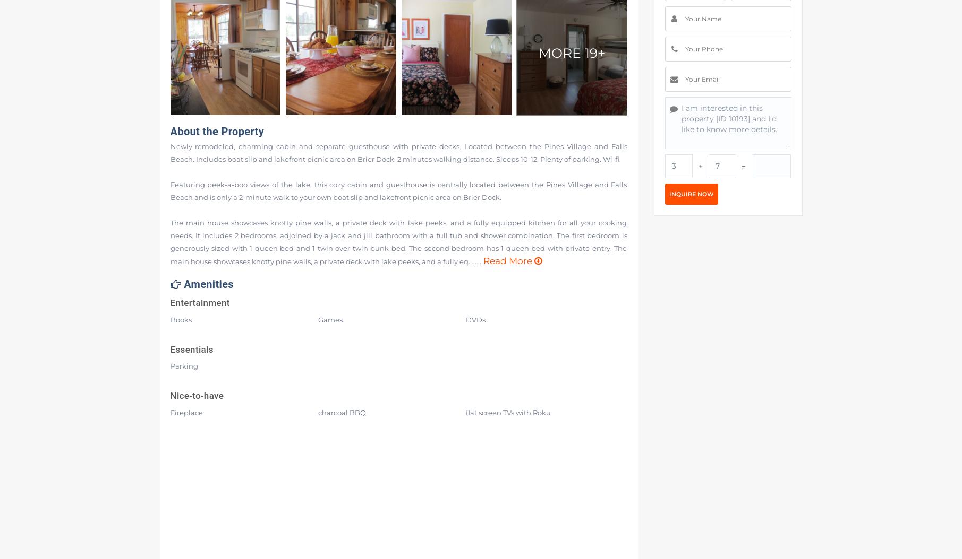 This screenshot has width=962, height=559. I want to click on 'Essentials', so click(191, 349).